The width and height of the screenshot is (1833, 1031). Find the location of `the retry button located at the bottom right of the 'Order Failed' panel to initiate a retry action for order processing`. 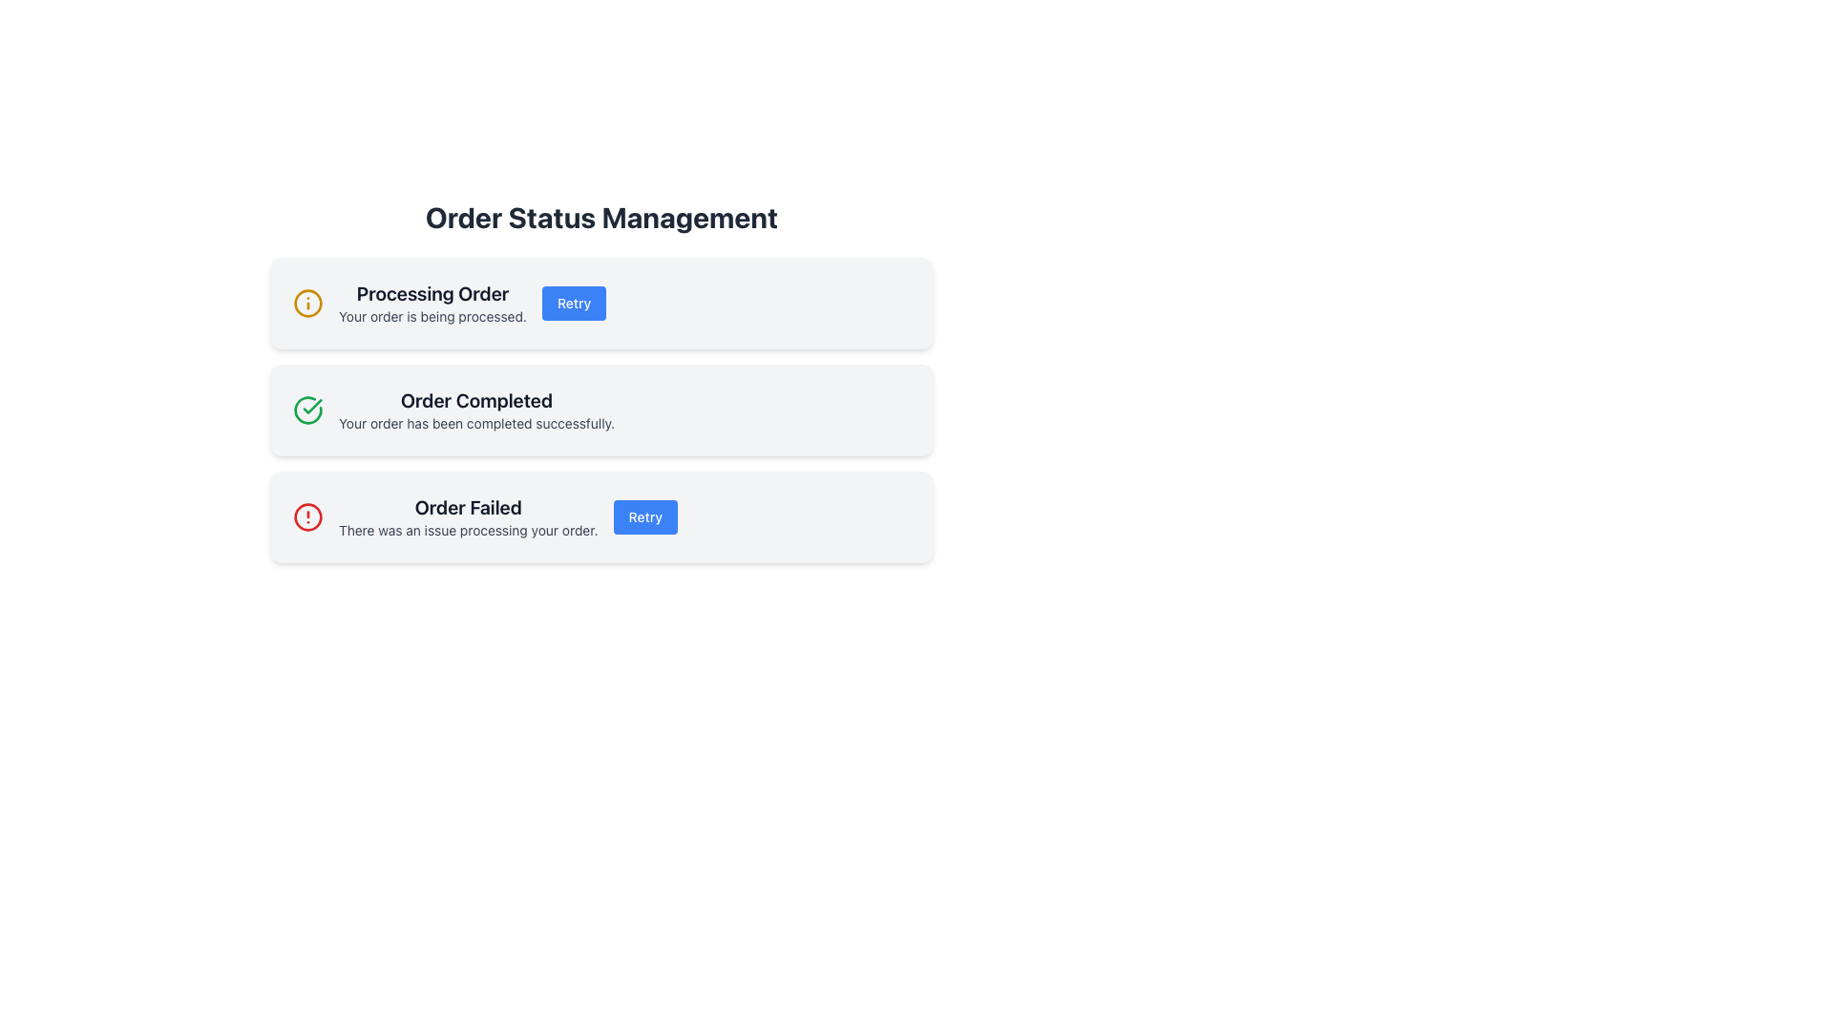

the retry button located at the bottom right of the 'Order Failed' panel to initiate a retry action for order processing is located at coordinates (645, 517).